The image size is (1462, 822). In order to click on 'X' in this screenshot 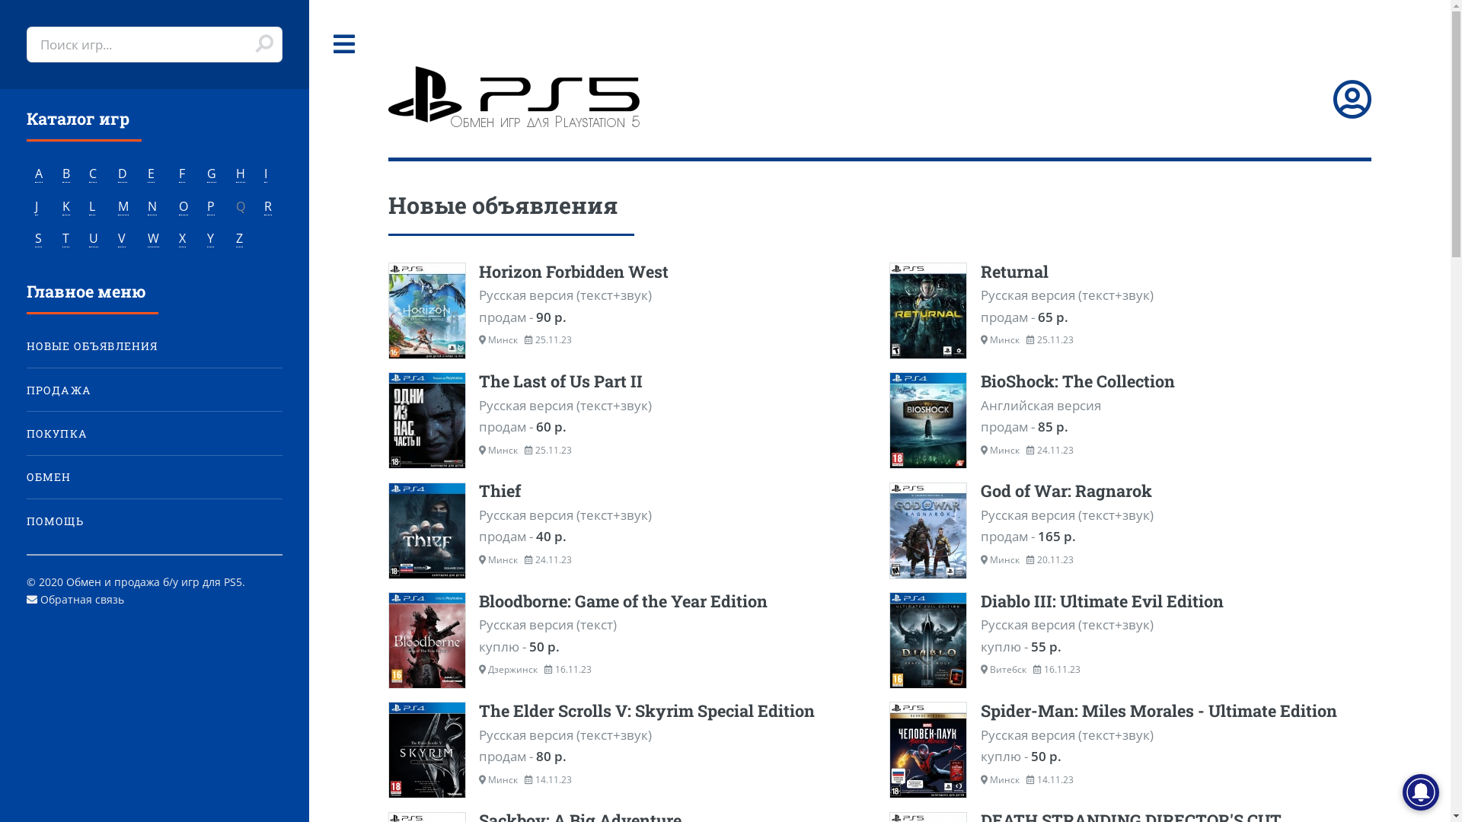, I will do `click(179, 238)`.